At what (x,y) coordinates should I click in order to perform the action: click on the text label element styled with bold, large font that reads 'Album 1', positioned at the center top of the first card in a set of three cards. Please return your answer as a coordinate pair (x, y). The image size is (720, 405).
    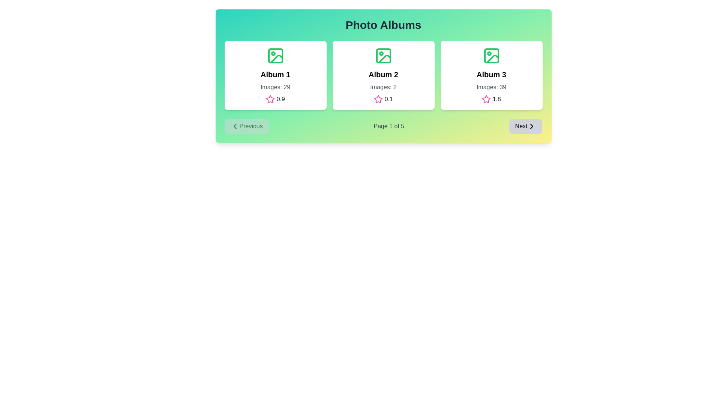
    Looking at the image, I should click on (275, 75).